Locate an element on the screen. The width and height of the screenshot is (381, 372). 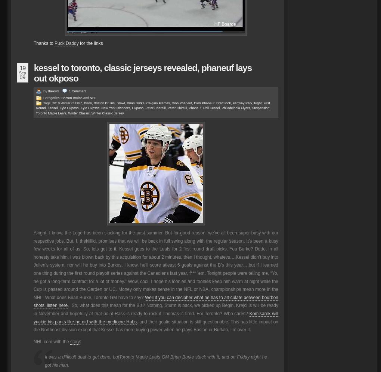
'Alright, I know, the Loge has been slacking for the past summer. But for good reason, we’ve all been super busy with our respective jobs. But, I, thekiiiiid, promises that we will be back in full swing along with the regular season. It’s been a busy few weeks for all of us. So, lets get to it. Kessel goes to the Leafs for 2 first round draft picks. Yea Burke? Dude, in all honesty take him. I was blown back by this acquisition for about 2 minutes, then I thought, whatevs….Kessel didn’t buy into Julien’s system, nor will he buy into Burkes. I know, he’ll score atleast 6 goals against the B’s this year….but if I learned one thing during the first round playoff series against the Canadiens last year, f*** ’em. Tonight people were telling me, “Yo, he got a long-term contract for a lot of money.” Wow, cool, I hope his loonies and toonies keep him warm at night while the Cup is passed around the Garden or UC. Money only makes sense in the NFL or NBA, championships mean more in the NHL. What does Brian Burke, Toronto GM have to say?' is located at coordinates (156, 265).